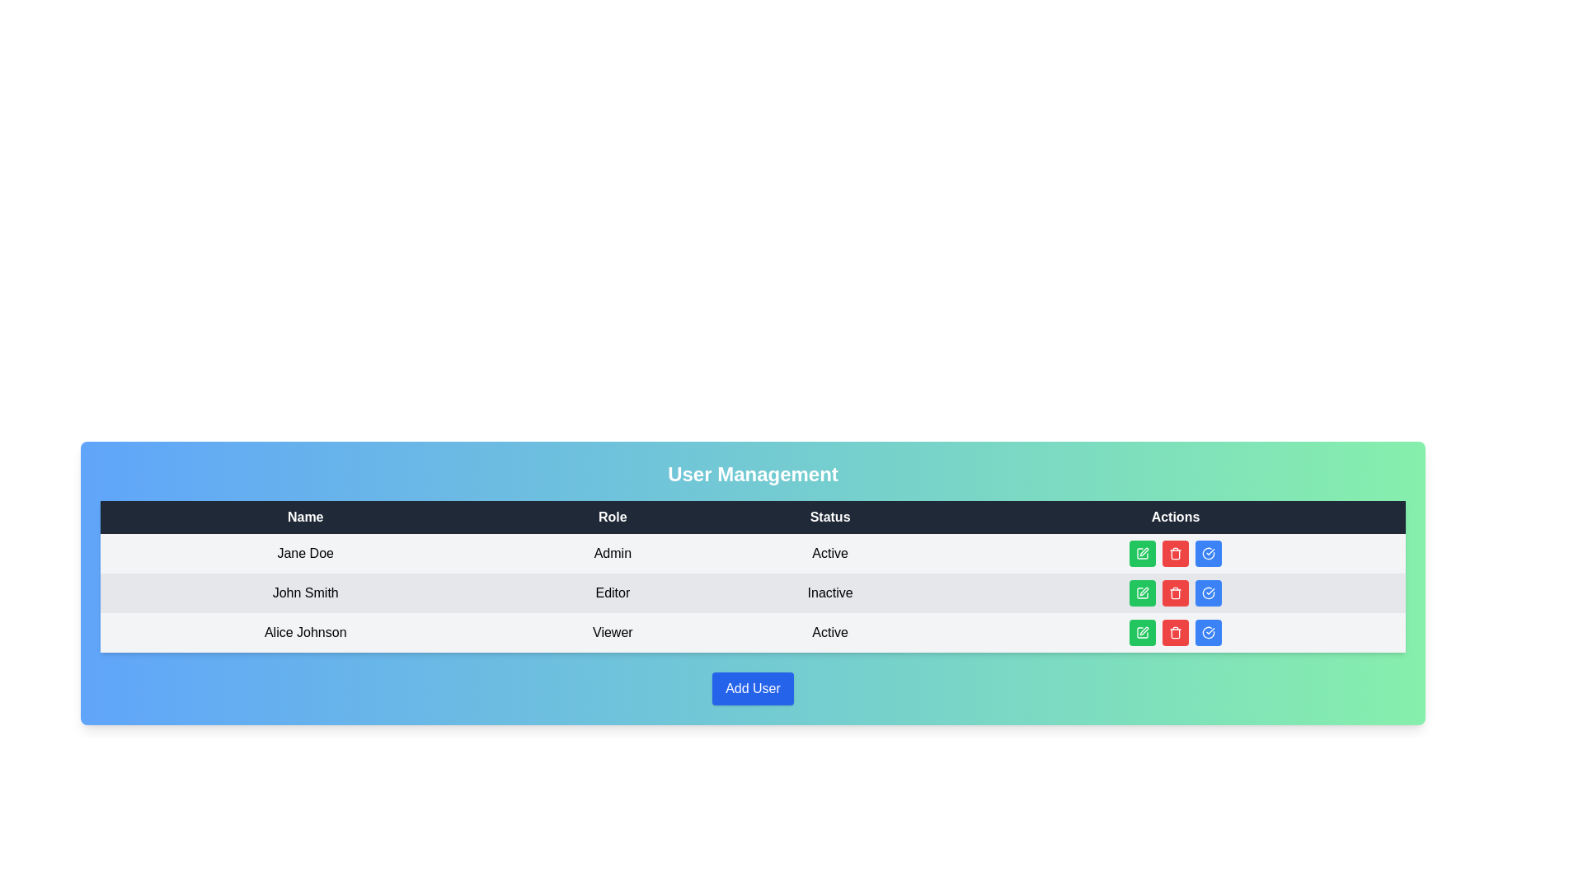 The height and width of the screenshot is (890, 1583). Describe the element at coordinates (830, 593) in the screenshot. I see `the 'Inactive' status text label for user 'John Smith' located in the 'Status' column of the table` at that location.